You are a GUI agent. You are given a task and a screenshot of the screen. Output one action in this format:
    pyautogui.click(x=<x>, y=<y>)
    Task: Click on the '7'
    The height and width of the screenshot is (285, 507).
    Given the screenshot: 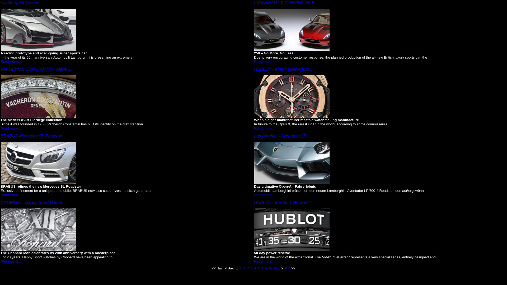 What is the action you would take?
    pyautogui.click(x=257, y=268)
    